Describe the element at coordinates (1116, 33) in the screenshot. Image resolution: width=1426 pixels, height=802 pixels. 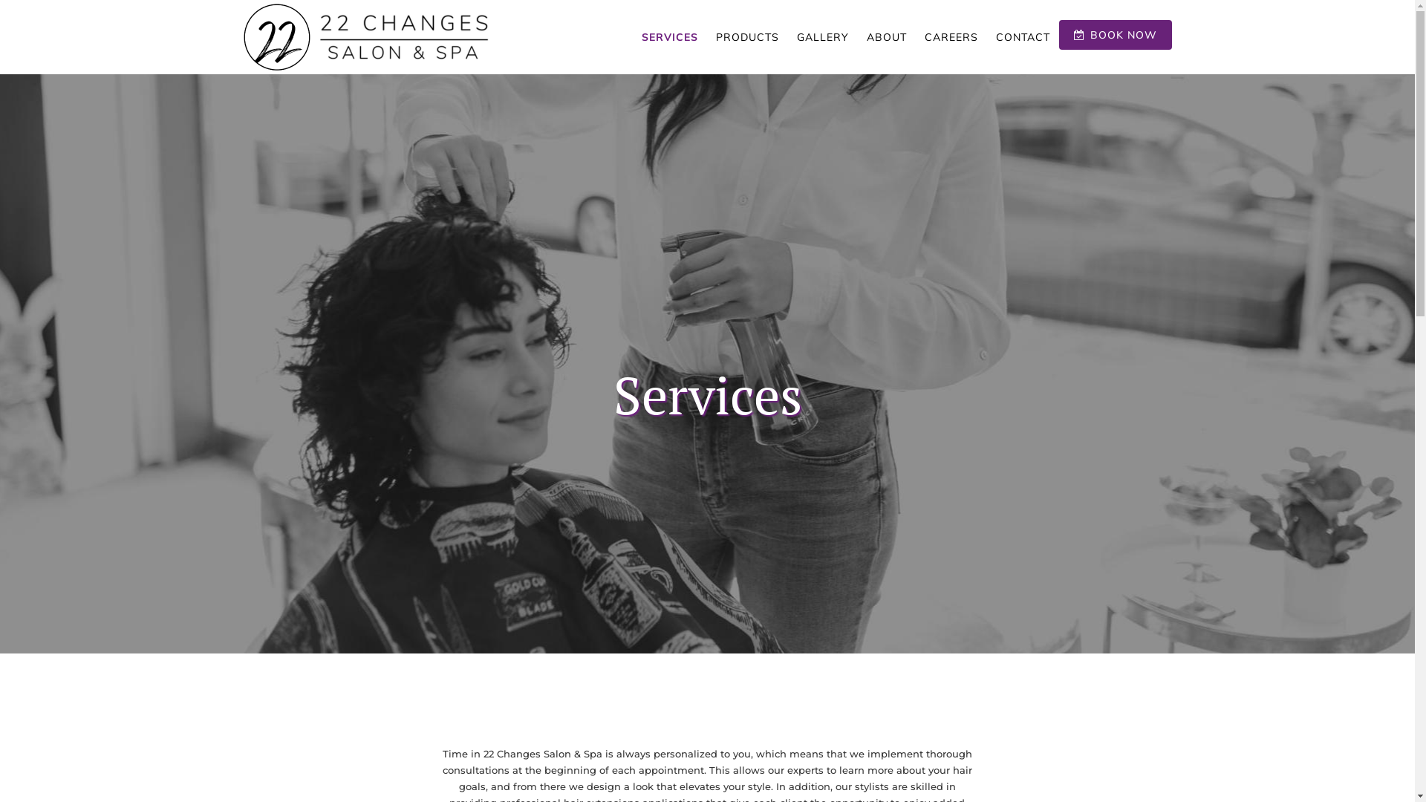
I see `'BOOK NOW'` at that location.